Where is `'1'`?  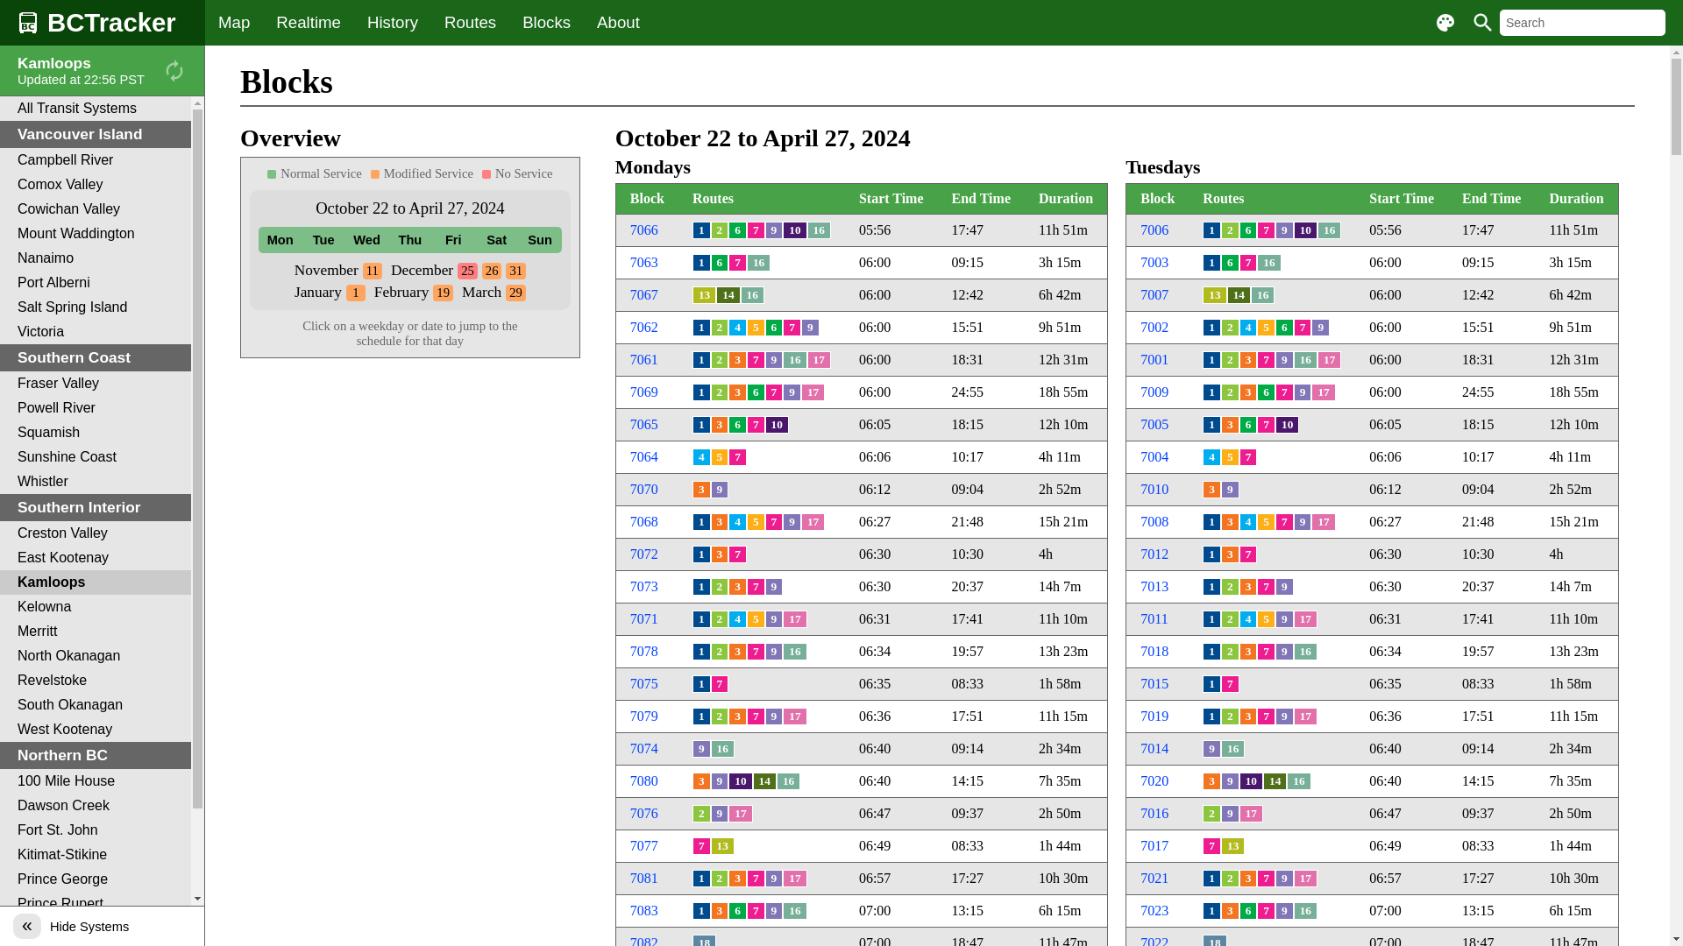 '1' is located at coordinates (1211, 652).